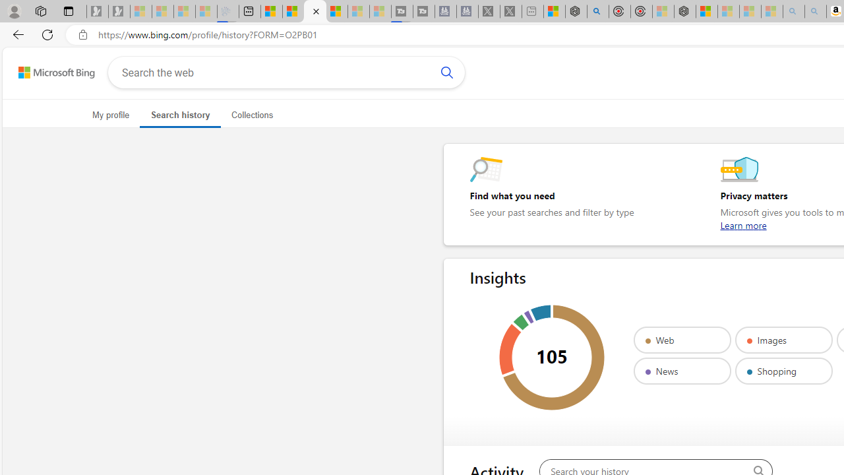 This screenshot has height=475, width=844. I want to click on 'Newsletter Sign Up - Sleeping', so click(119, 11).